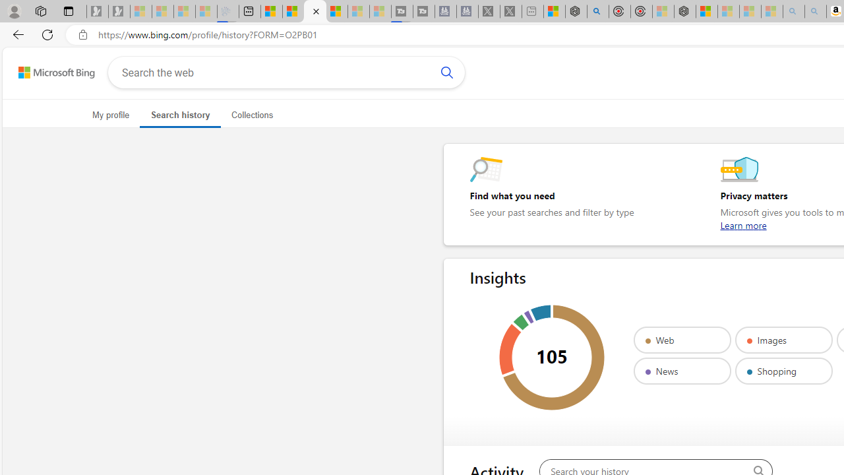 This screenshot has height=475, width=844. I want to click on 'Newsletter Sign Up - Sleeping', so click(119, 11).